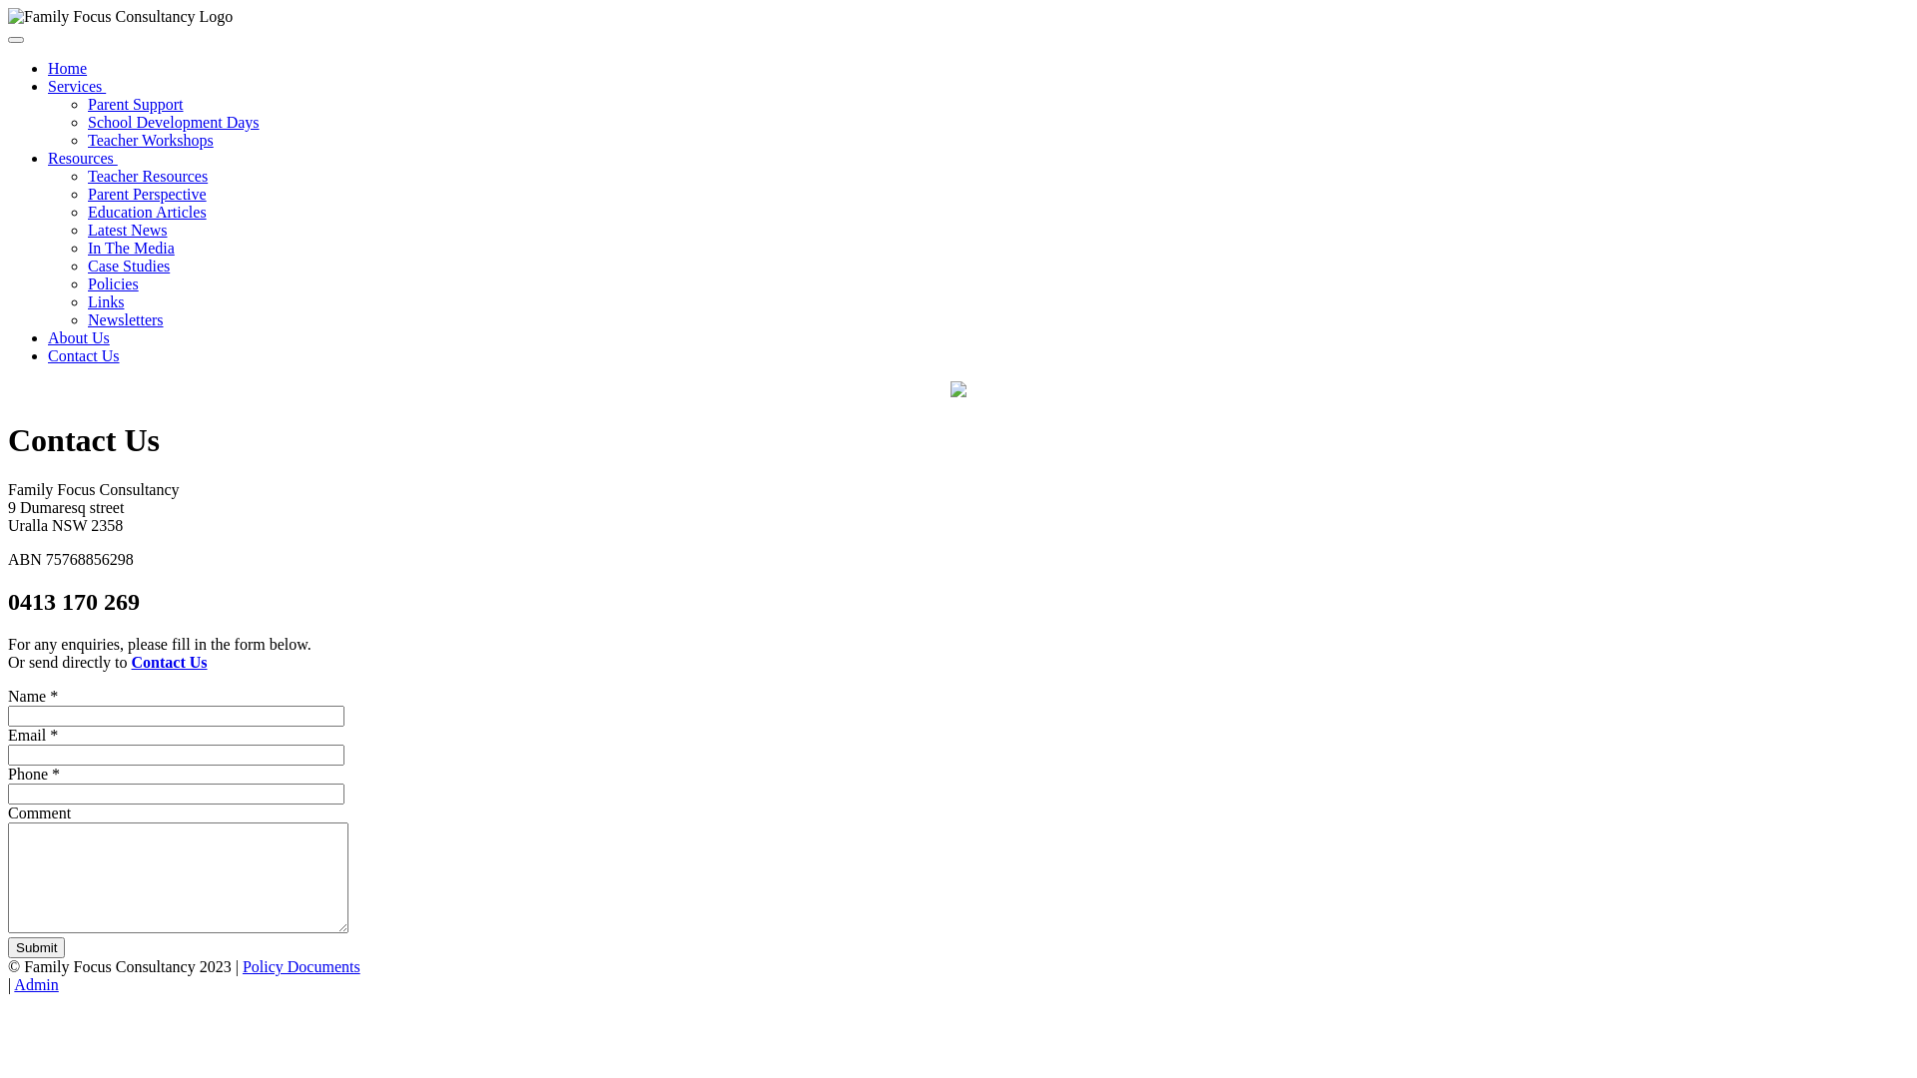 The width and height of the screenshot is (1917, 1078). I want to click on 'Links', so click(104, 301).